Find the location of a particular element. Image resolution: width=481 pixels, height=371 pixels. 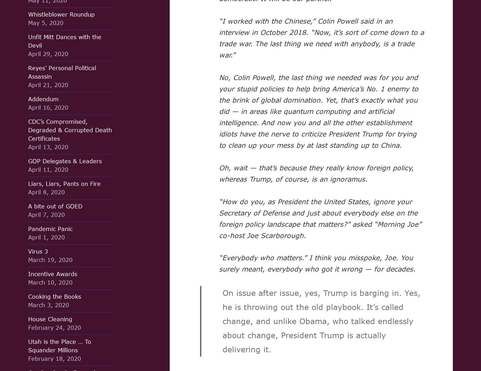

'March 10, 2020' is located at coordinates (50, 282).